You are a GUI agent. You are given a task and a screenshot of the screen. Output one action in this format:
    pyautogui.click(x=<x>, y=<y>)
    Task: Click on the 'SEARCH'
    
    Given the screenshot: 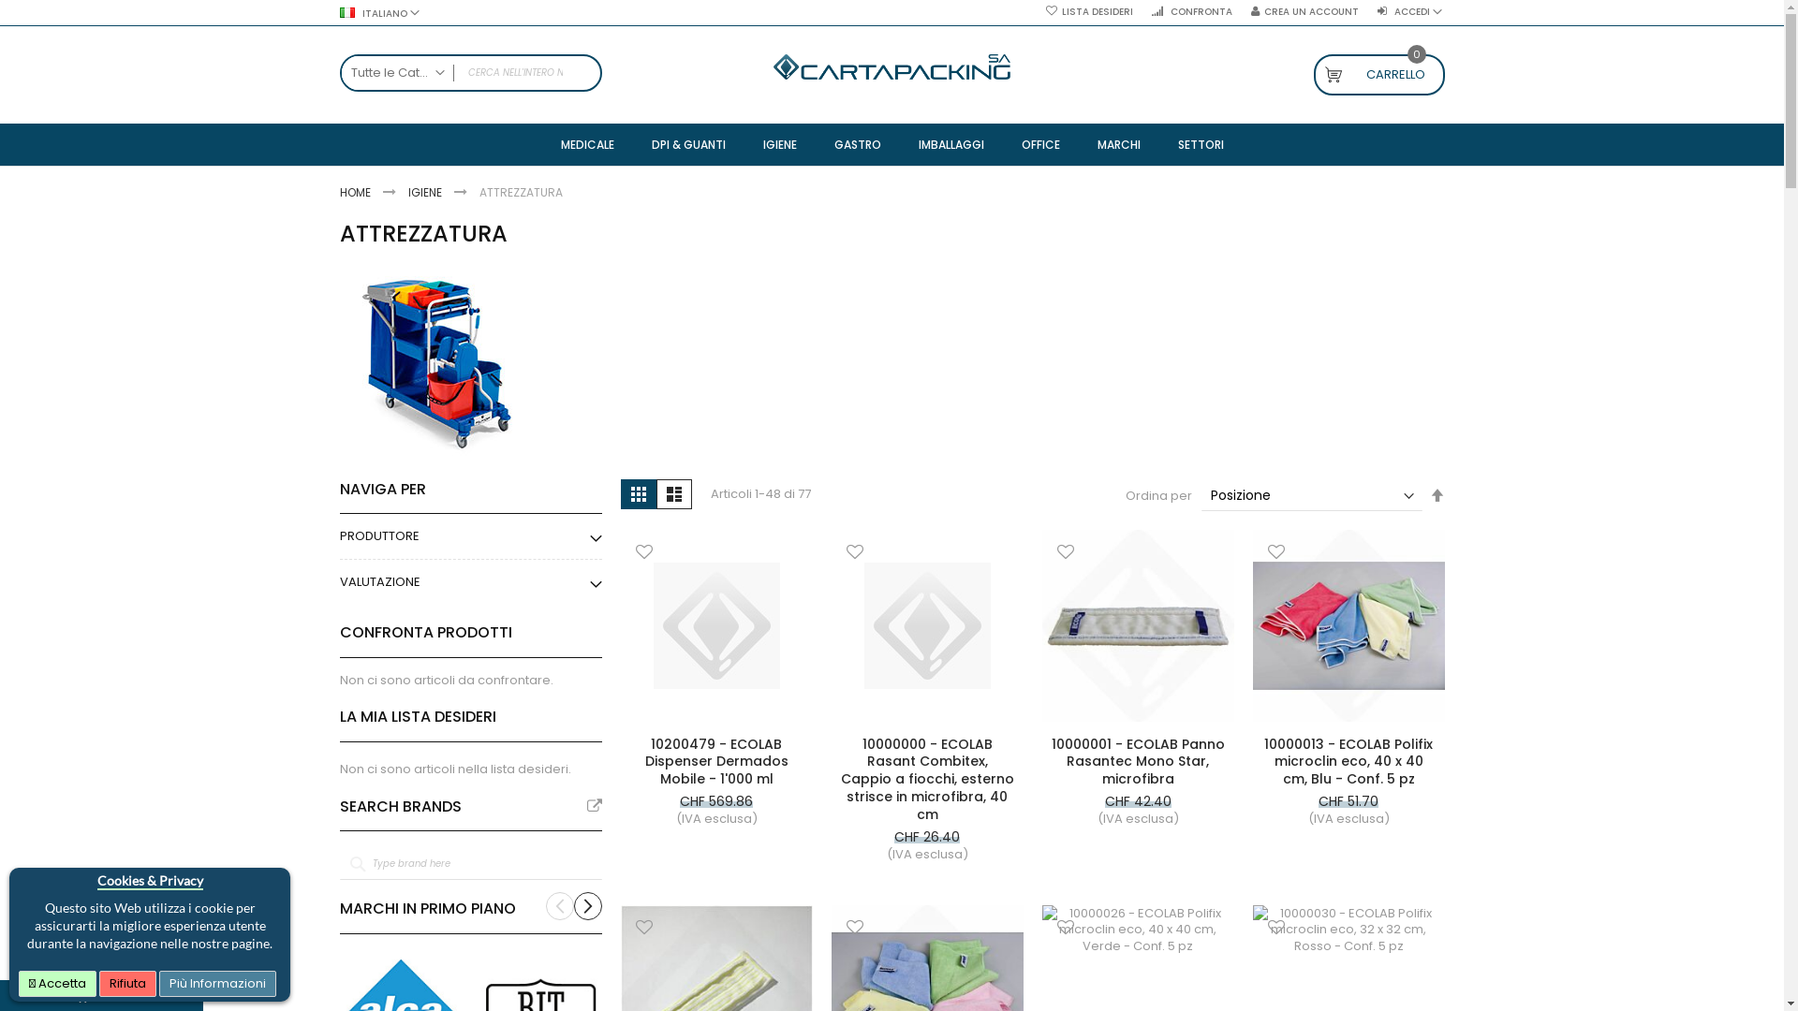 What is the action you would take?
    pyautogui.click(x=582, y=71)
    